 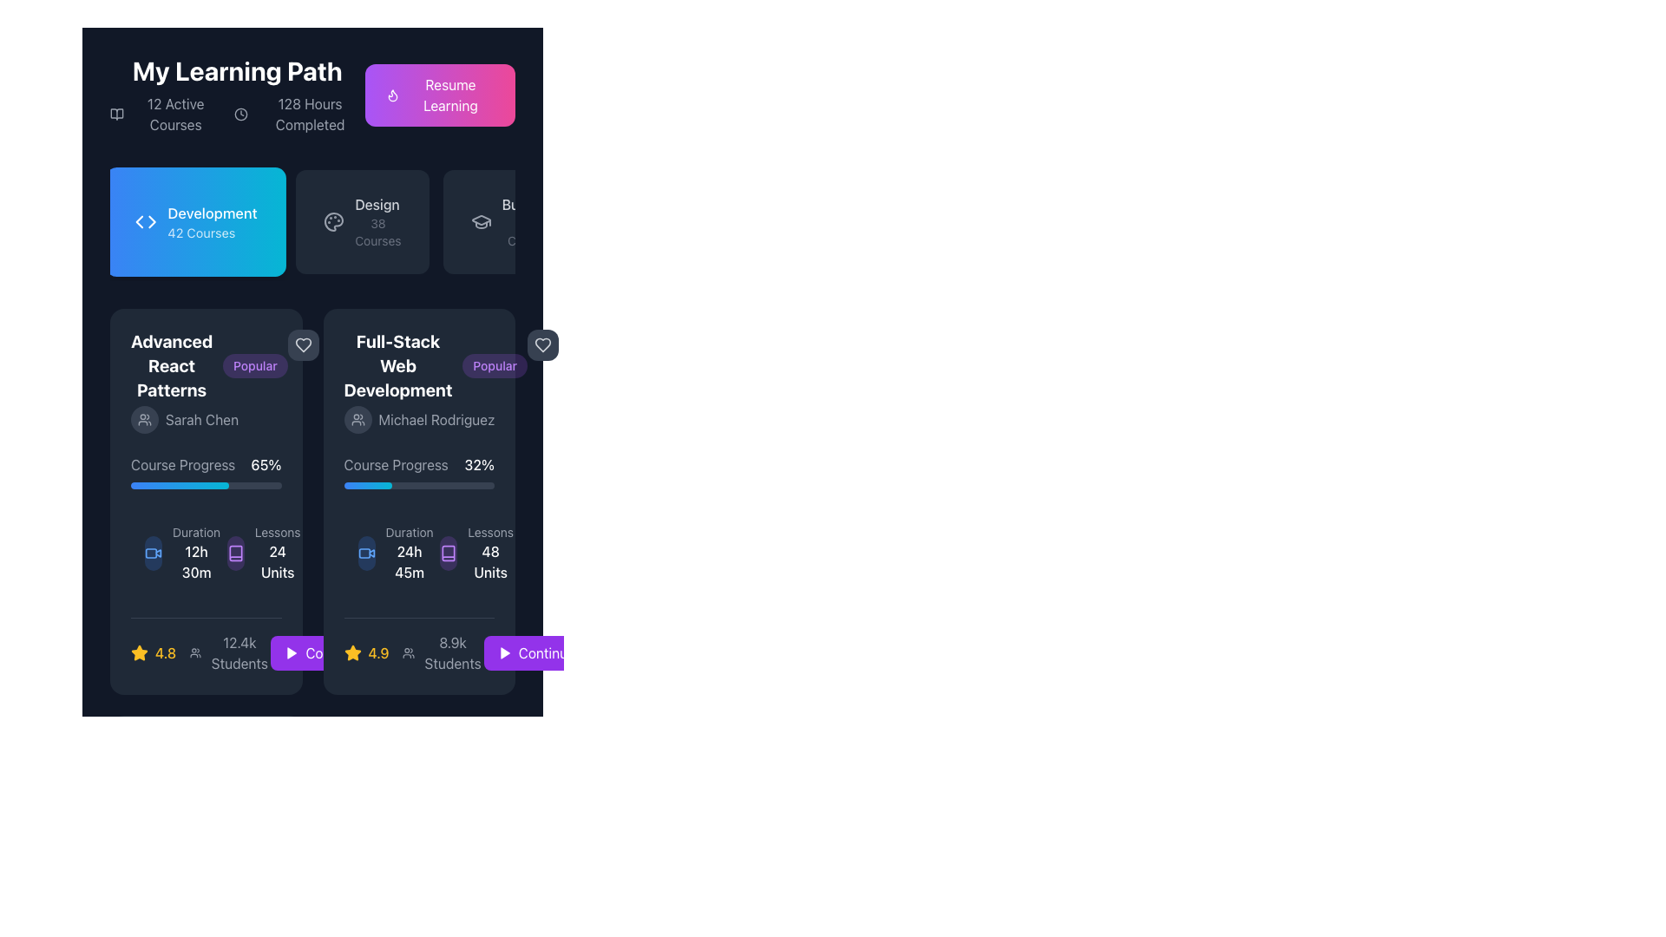 I want to click on the play icon located within the 'Continue' button under the 'Full-Stack Web Development' card, so click(x=504, y=652).